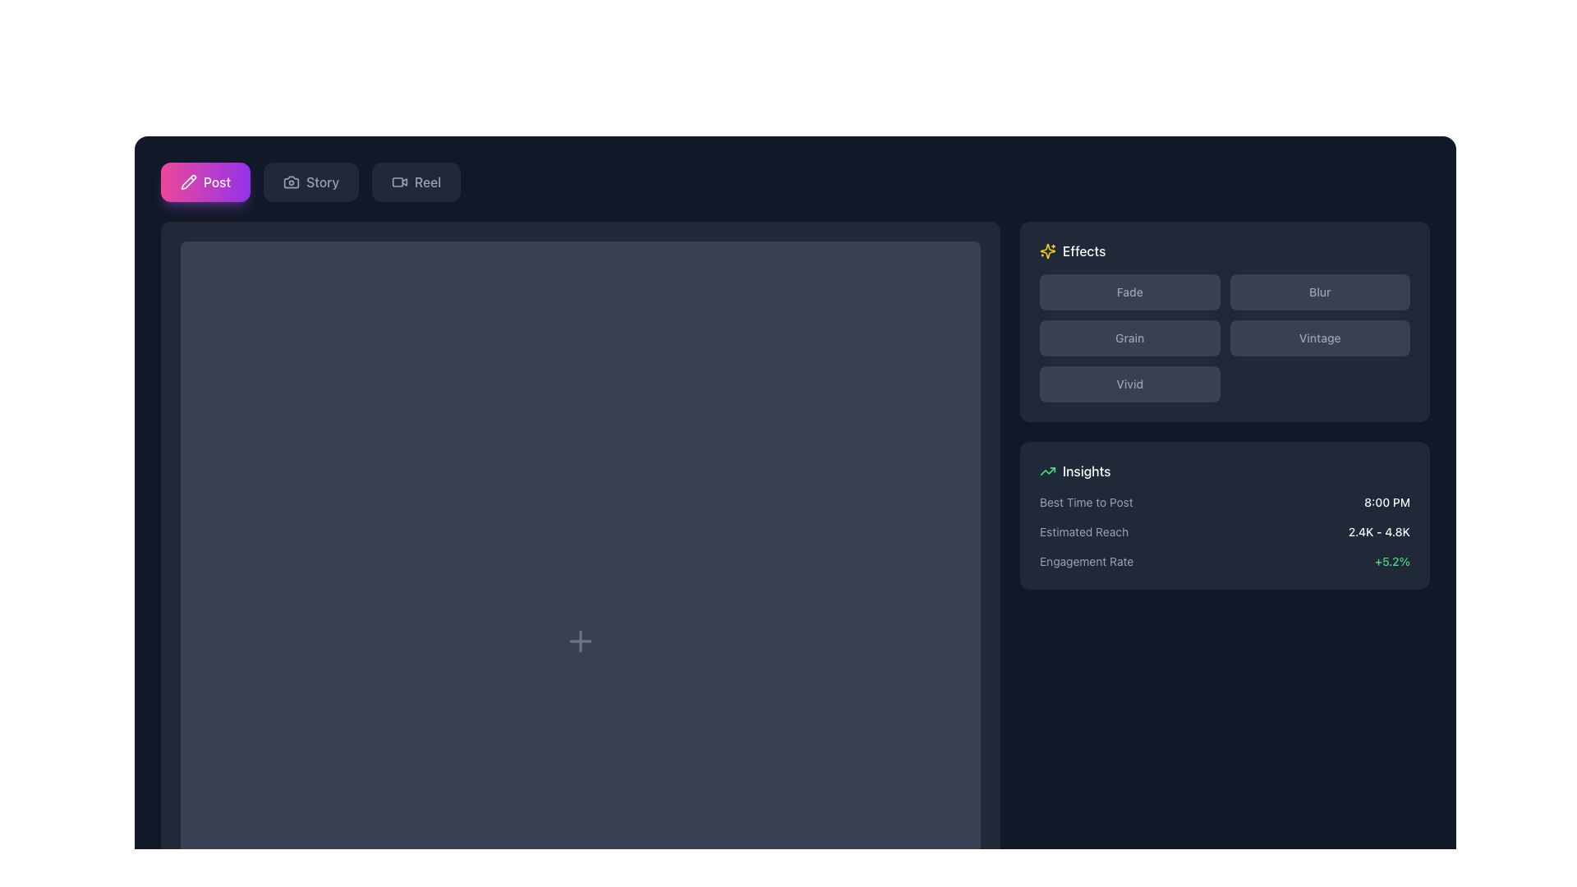 The height and width of the screenshot is (887, 1577). What do you see at coordinates (189, 182) in the screenshot?
I see `the pencil-shaped icon inside the 'Post' button` at bounding box center [189, 182].